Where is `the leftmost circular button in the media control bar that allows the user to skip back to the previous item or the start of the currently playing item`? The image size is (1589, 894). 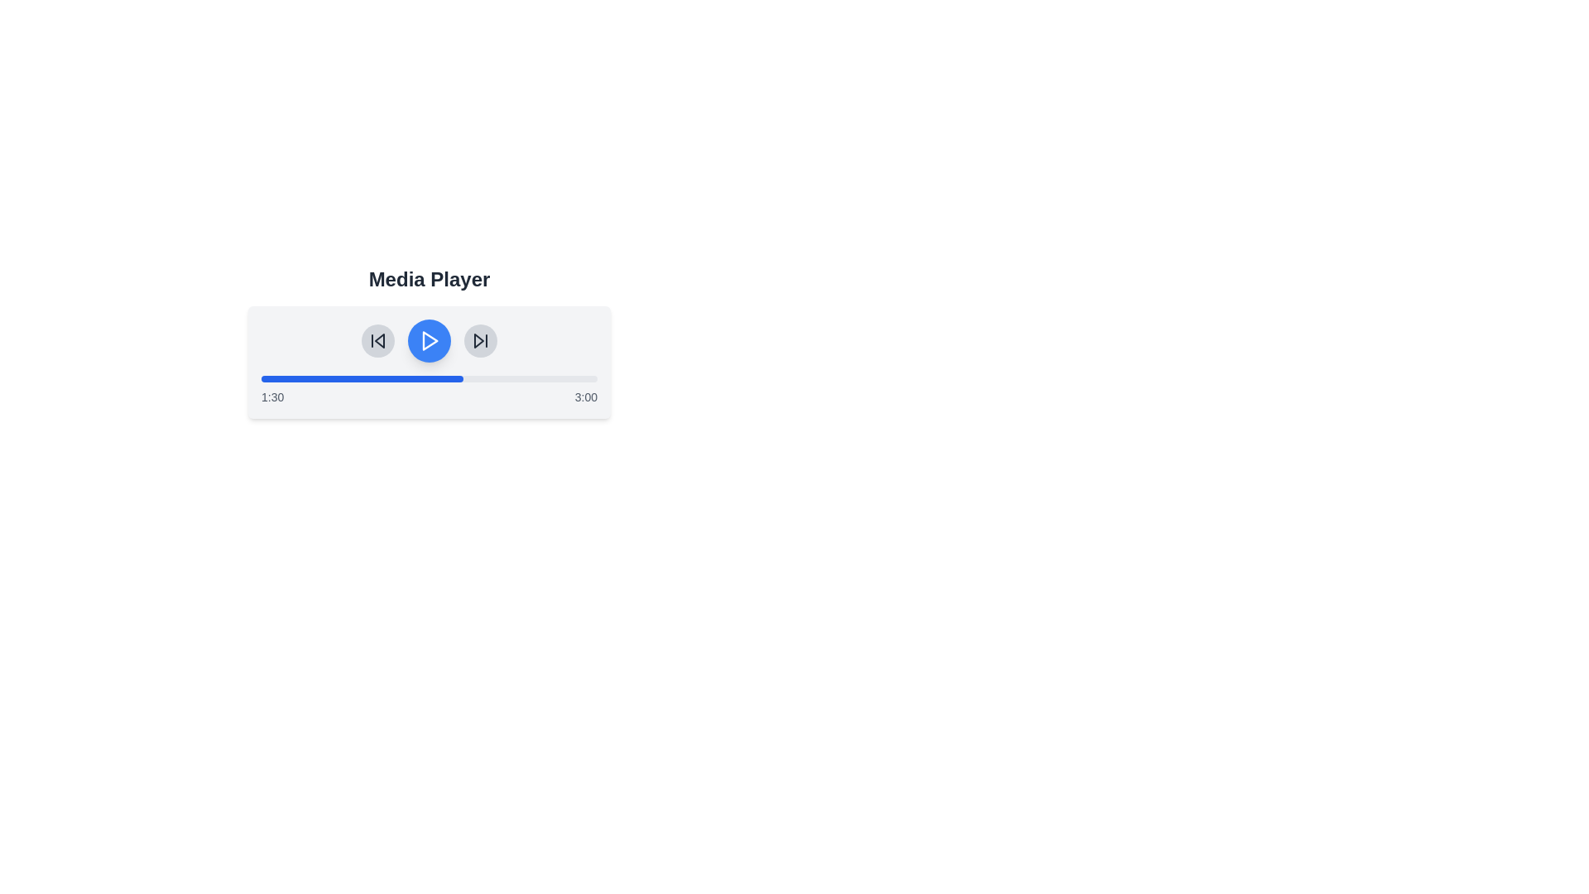
the leftmost circular button in the media control bar that allows the user to skip back to the previous item or the start of the currently playing item is located at coordinates (377, 340).